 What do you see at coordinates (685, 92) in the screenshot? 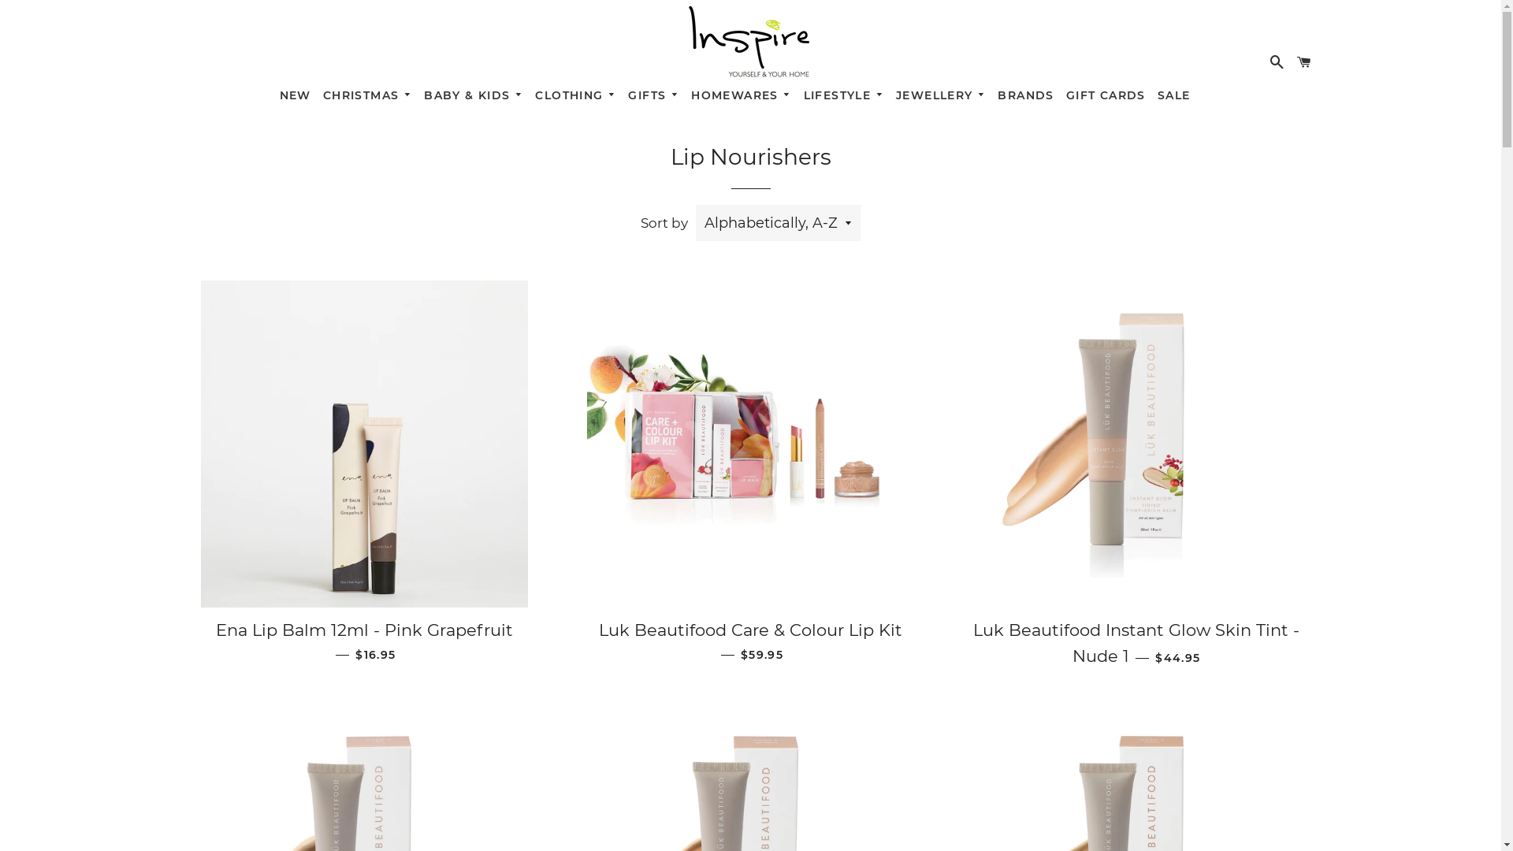
I see `'HOMEWARES'` at bounding box center [685, 92].